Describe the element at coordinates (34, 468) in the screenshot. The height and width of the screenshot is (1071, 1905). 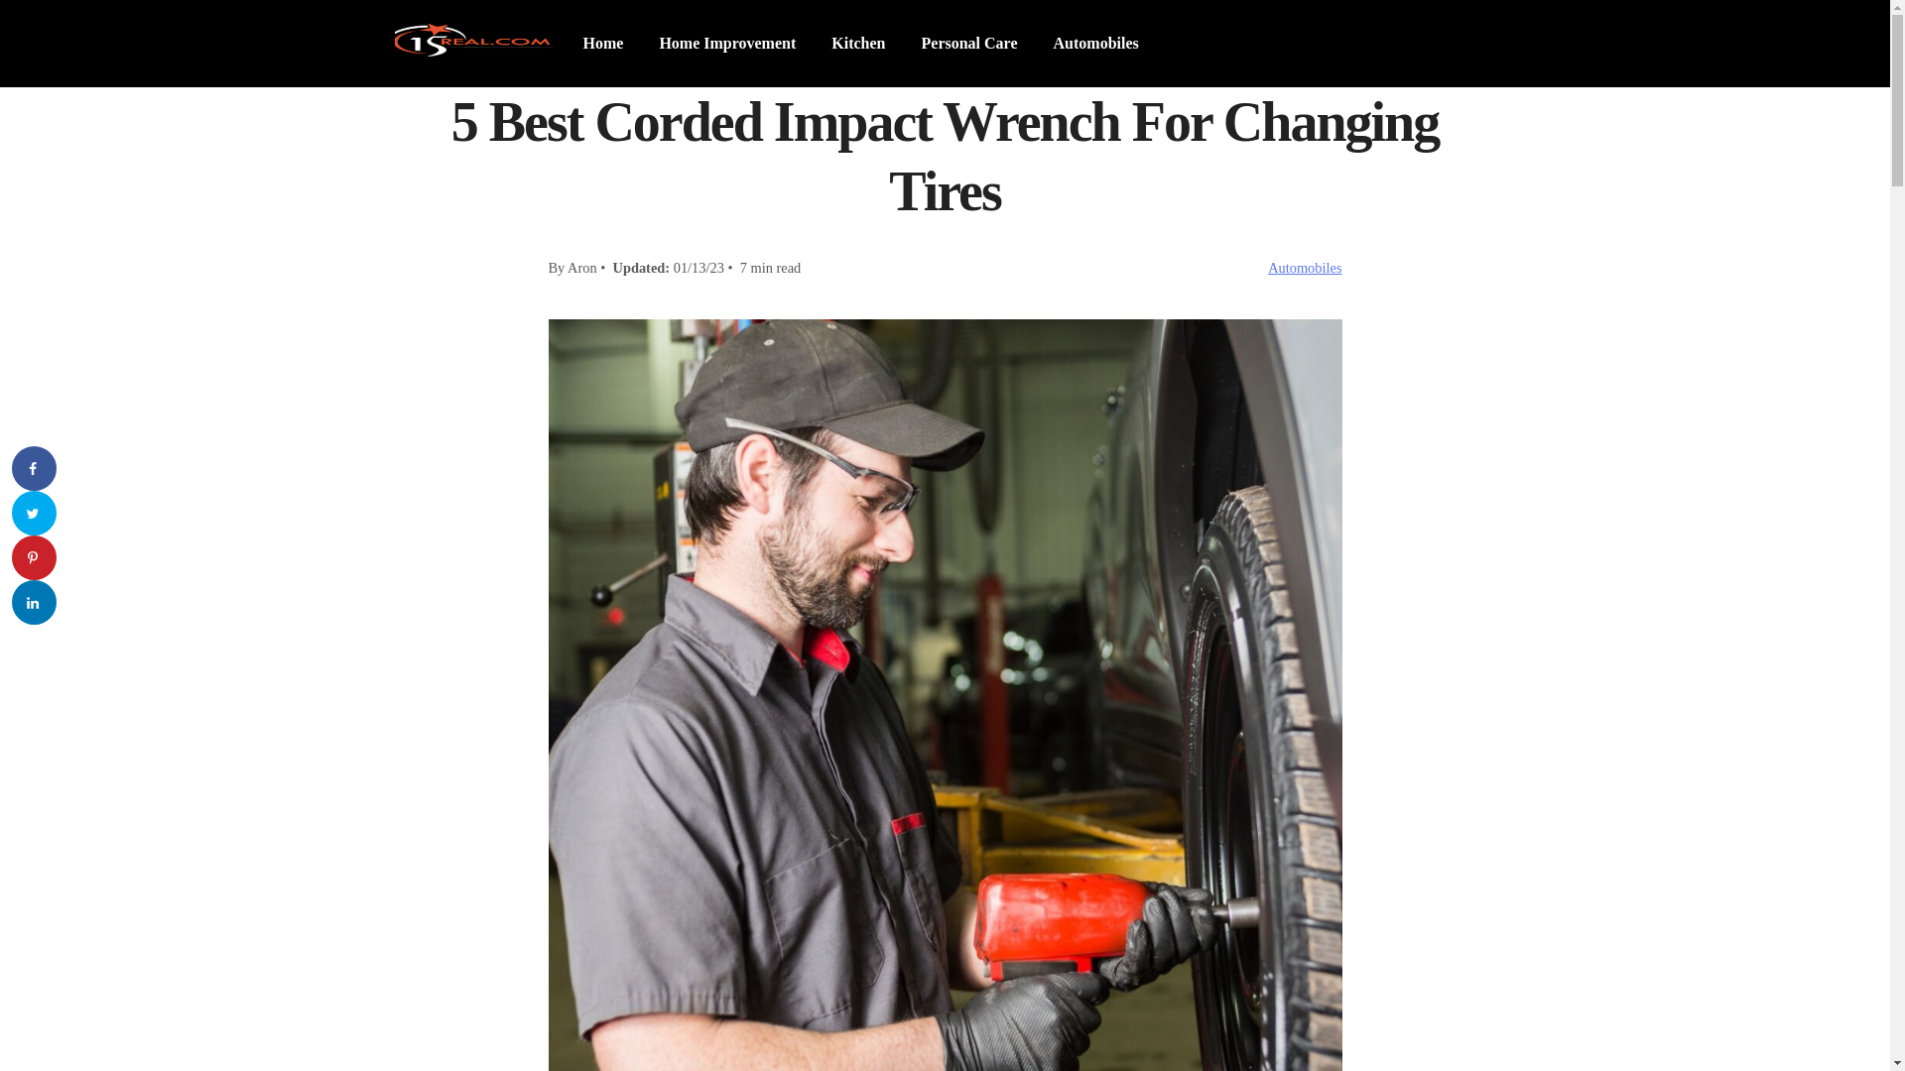
I see `'Share on Facebook'` at that location.